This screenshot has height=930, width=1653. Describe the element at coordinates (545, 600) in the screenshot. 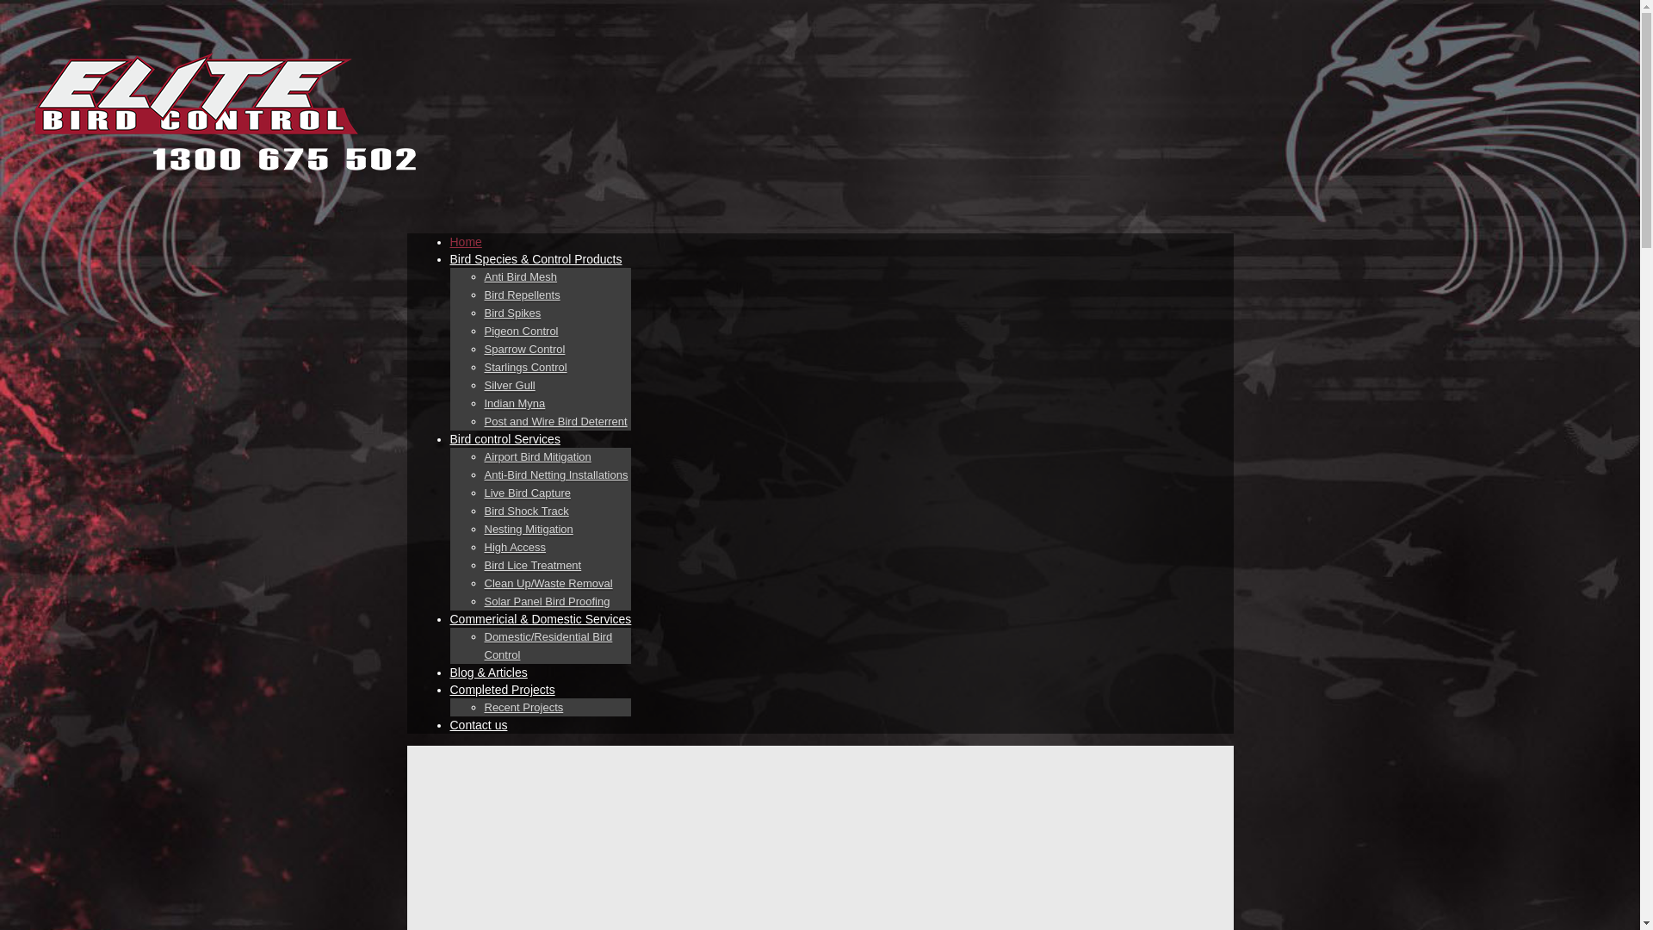

I see `'Solar Panel Bird Proofing'` at that location.